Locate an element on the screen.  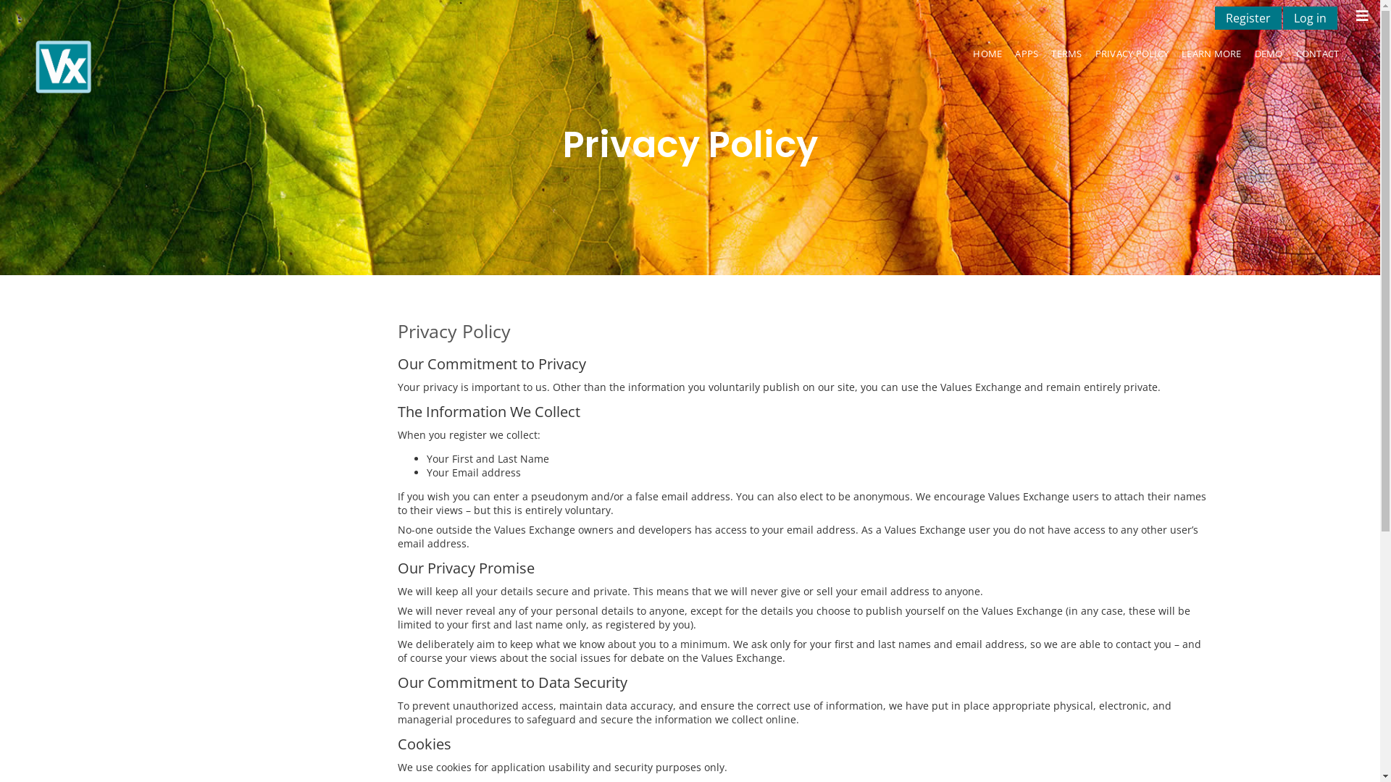
'Early Intervention Physiotherapy' is located at coordinates (35, 67).